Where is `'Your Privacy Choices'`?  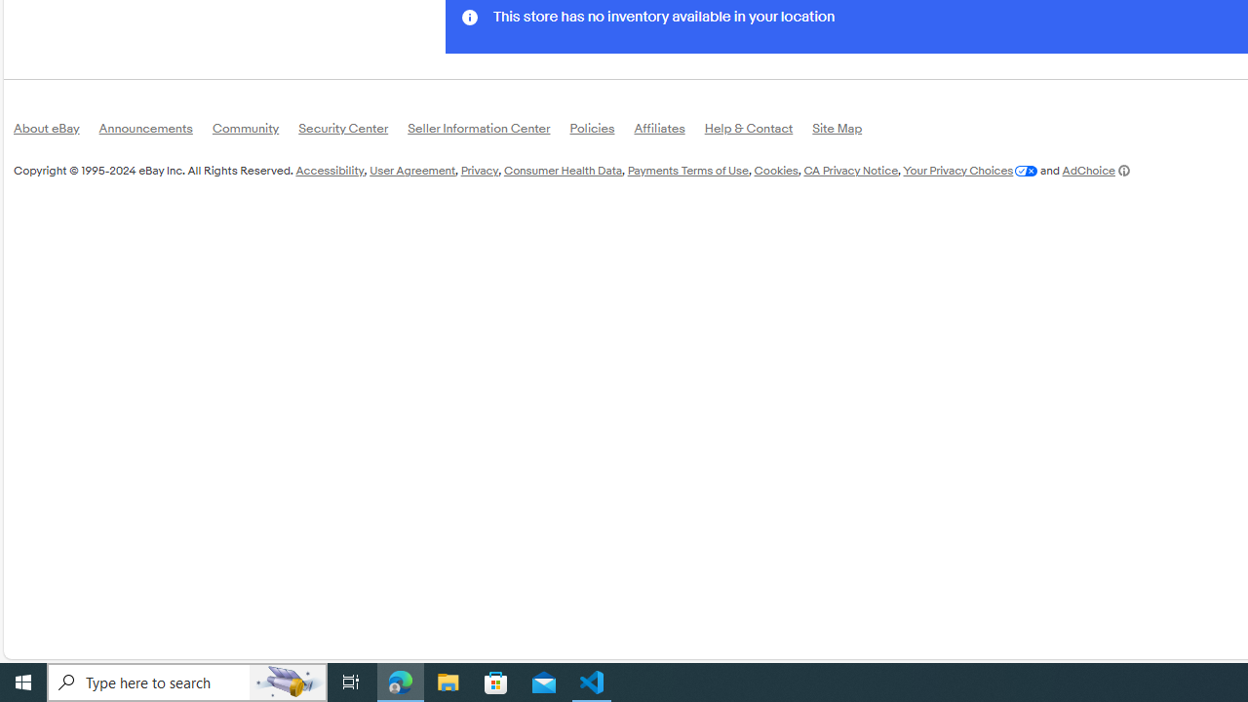
'Your Privacy Choices' is located at coordinates (970, 169).